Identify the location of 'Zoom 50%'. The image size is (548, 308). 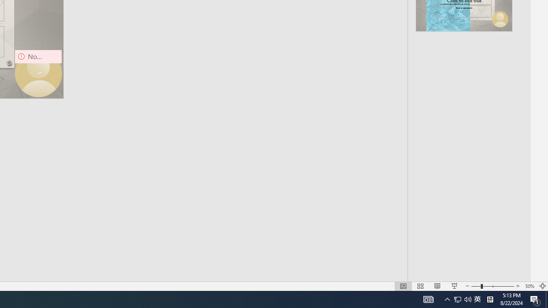
(529, 286).